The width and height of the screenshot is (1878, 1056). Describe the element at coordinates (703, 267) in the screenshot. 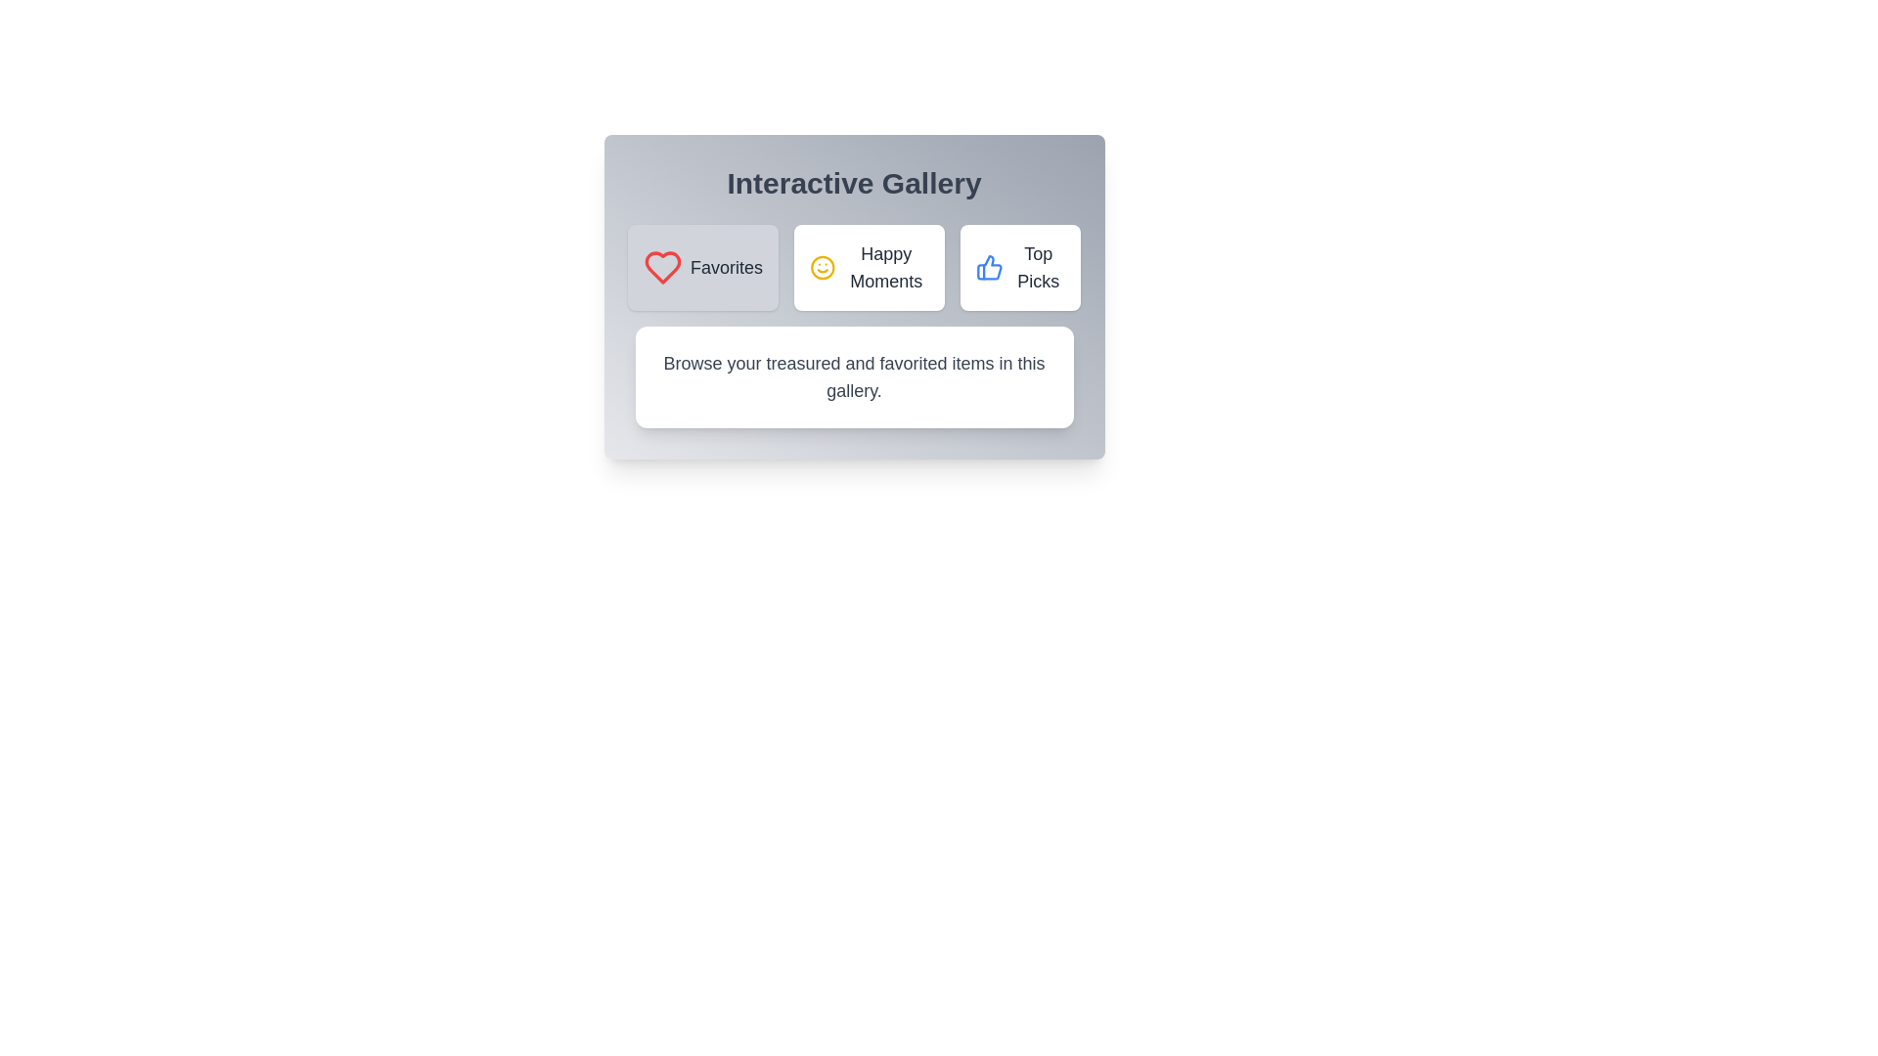

I see `the Favorites category by clicking the respective button` at that location.